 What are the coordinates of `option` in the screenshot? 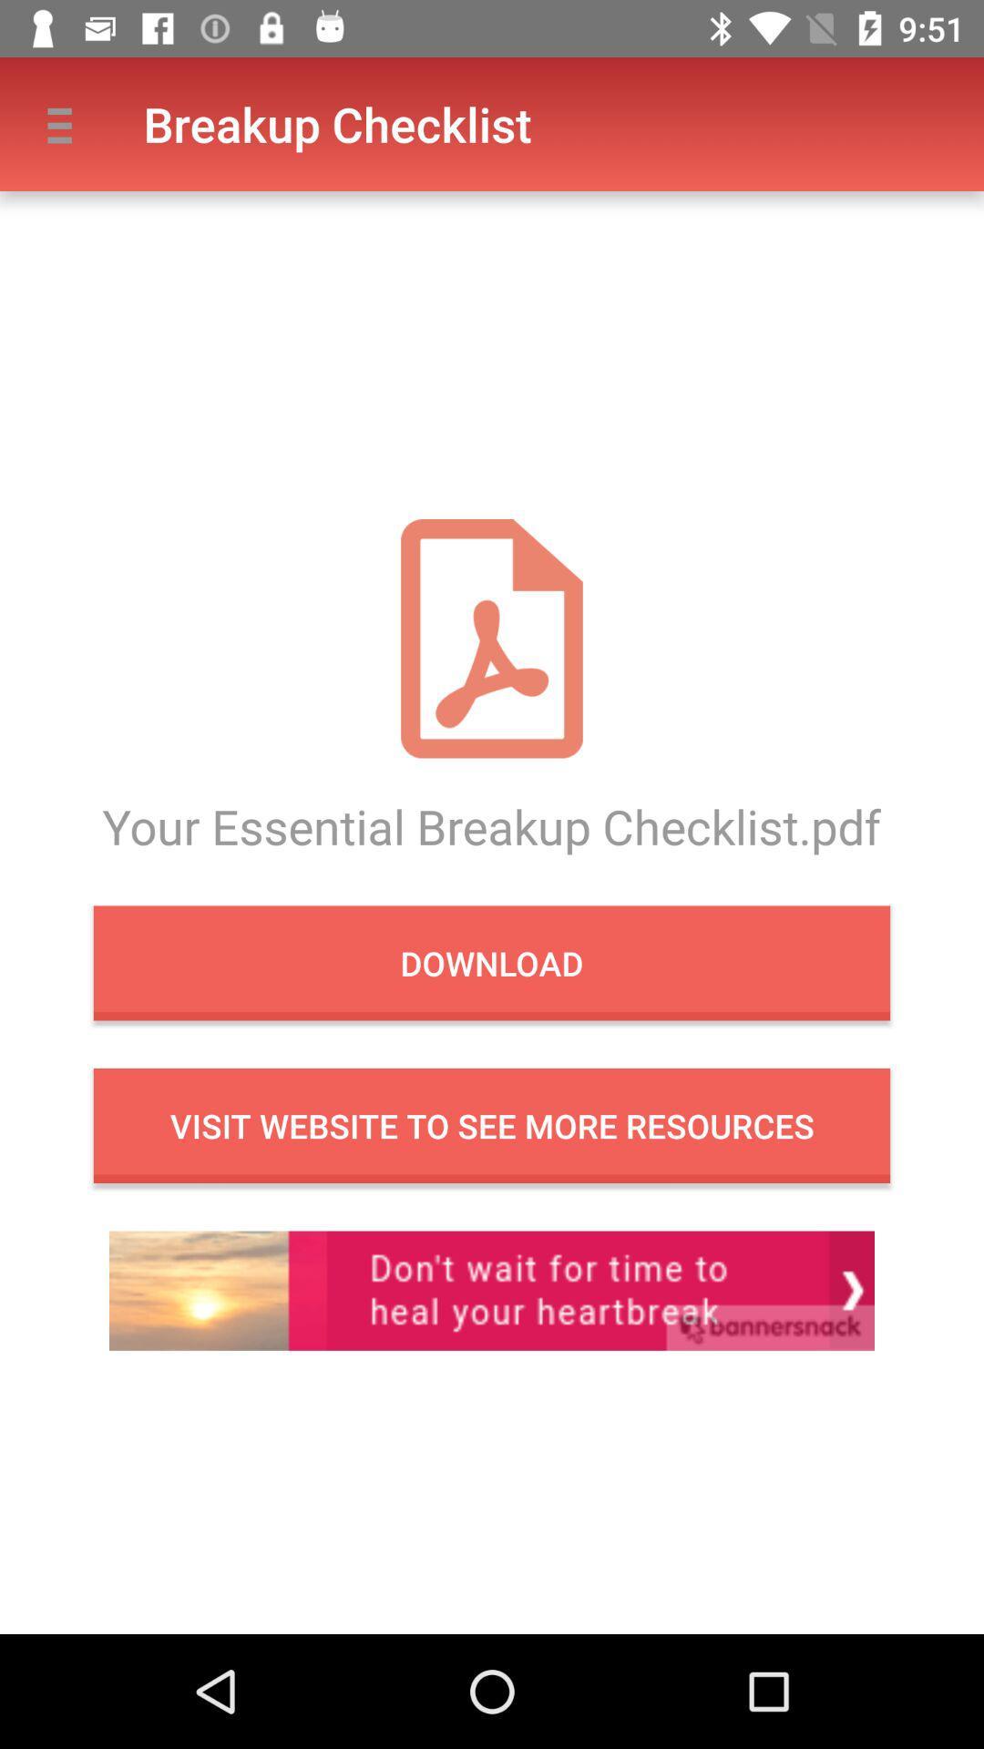 It's located at (492, 1290).